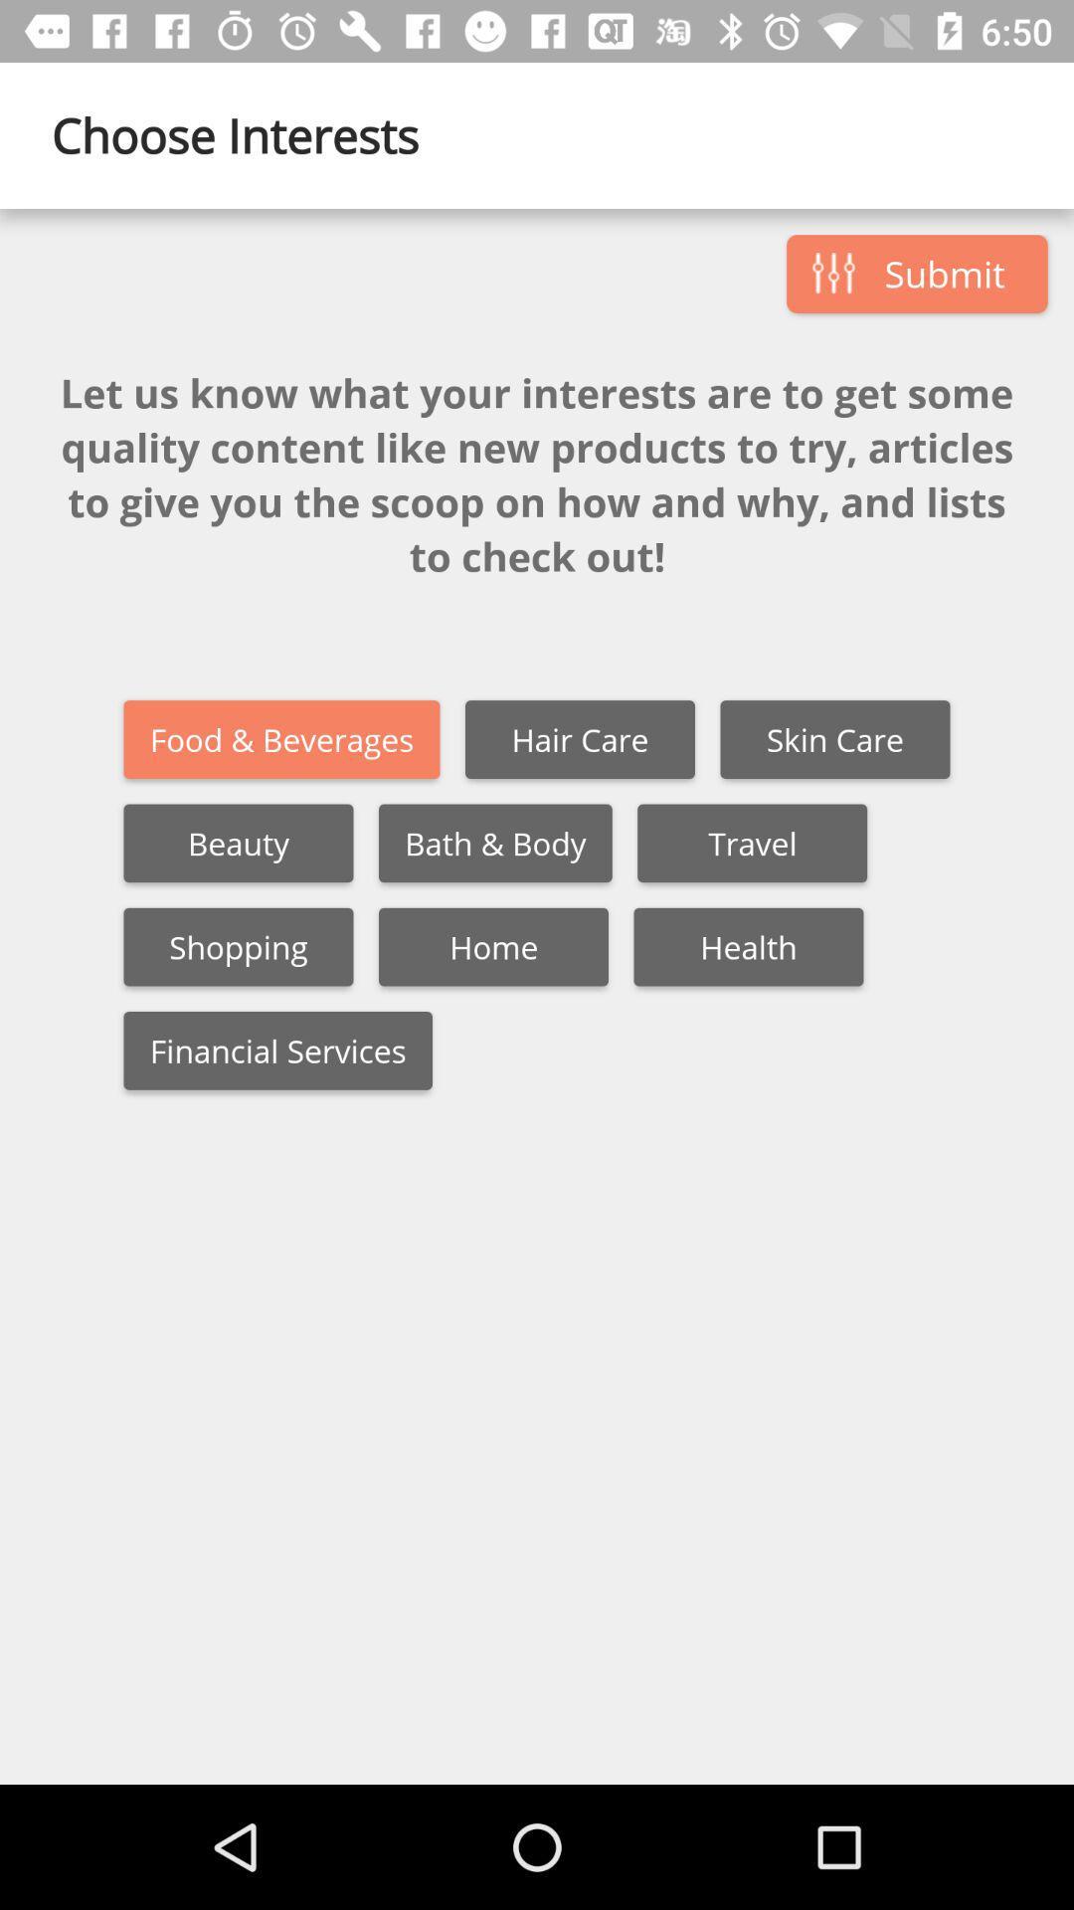 The height and width of the screenshot is (1910, 1074). What do you see at coordinates (494, 843) in the screenshot?
I see `the item below the food & beverages` at bounding box center [494, 843].